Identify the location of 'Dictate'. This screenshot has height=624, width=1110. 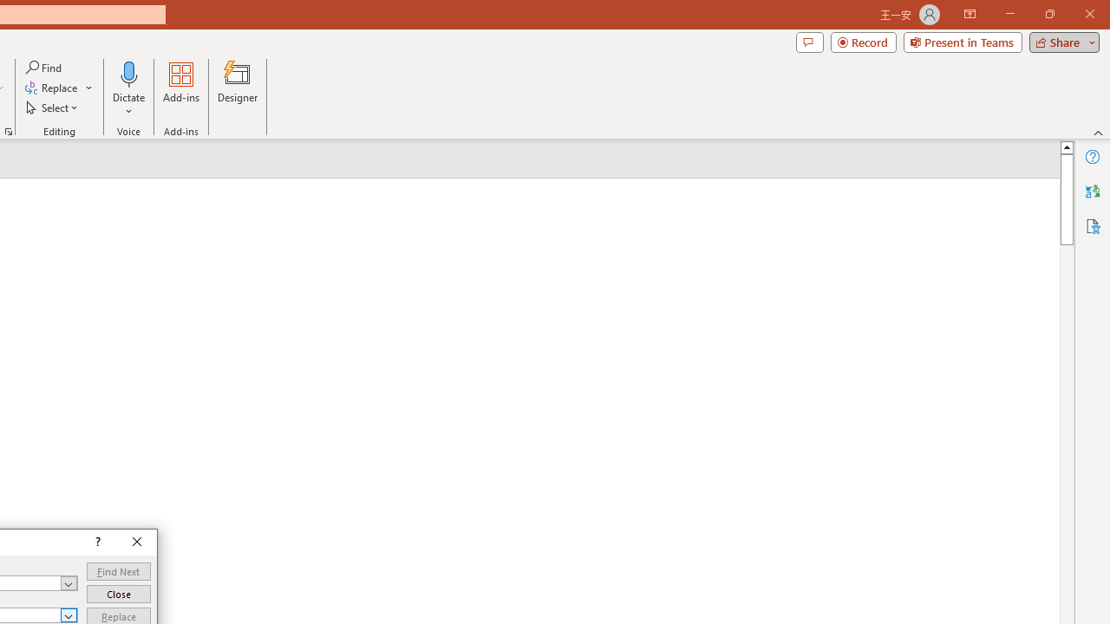
(128, 89).